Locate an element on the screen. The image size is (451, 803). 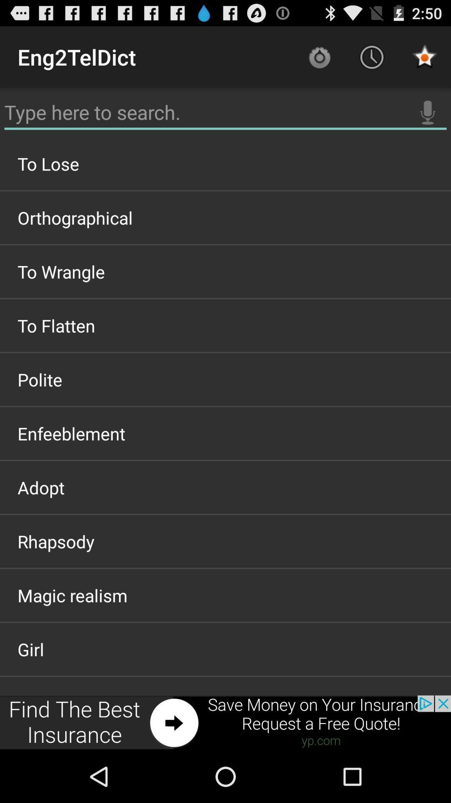
to flatten icon is located at coordinates (225, 325).